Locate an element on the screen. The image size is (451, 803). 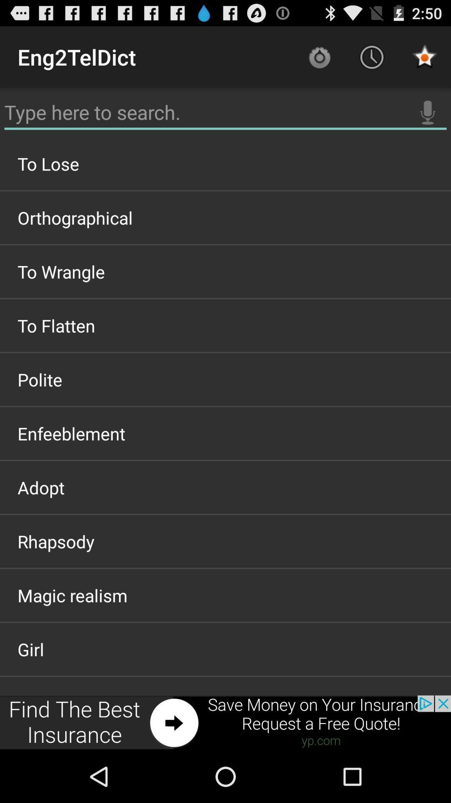
to flatten icon is located at coordinates (225, 325).